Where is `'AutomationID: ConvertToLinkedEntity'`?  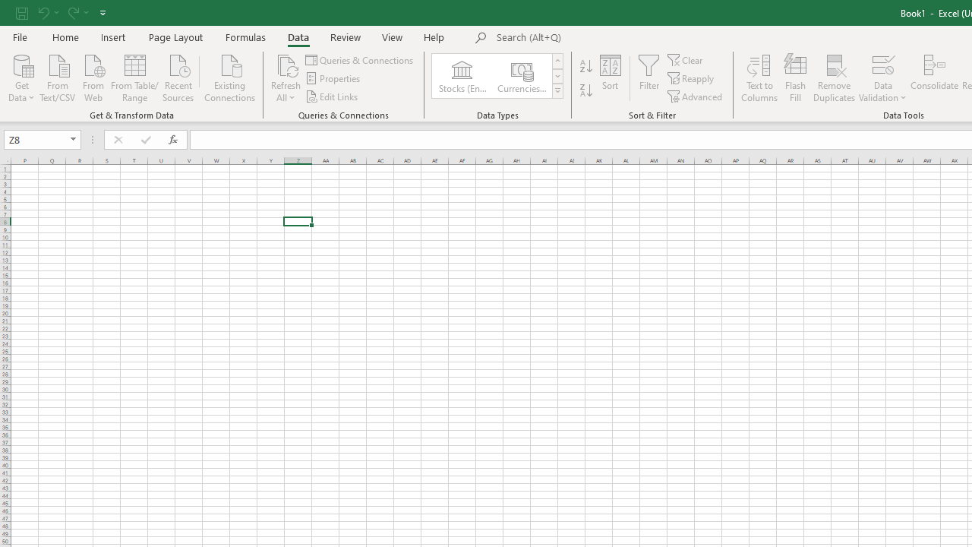
'AutomationID: ConvertToLinkedEntity' is located at coordinates (498, 76).